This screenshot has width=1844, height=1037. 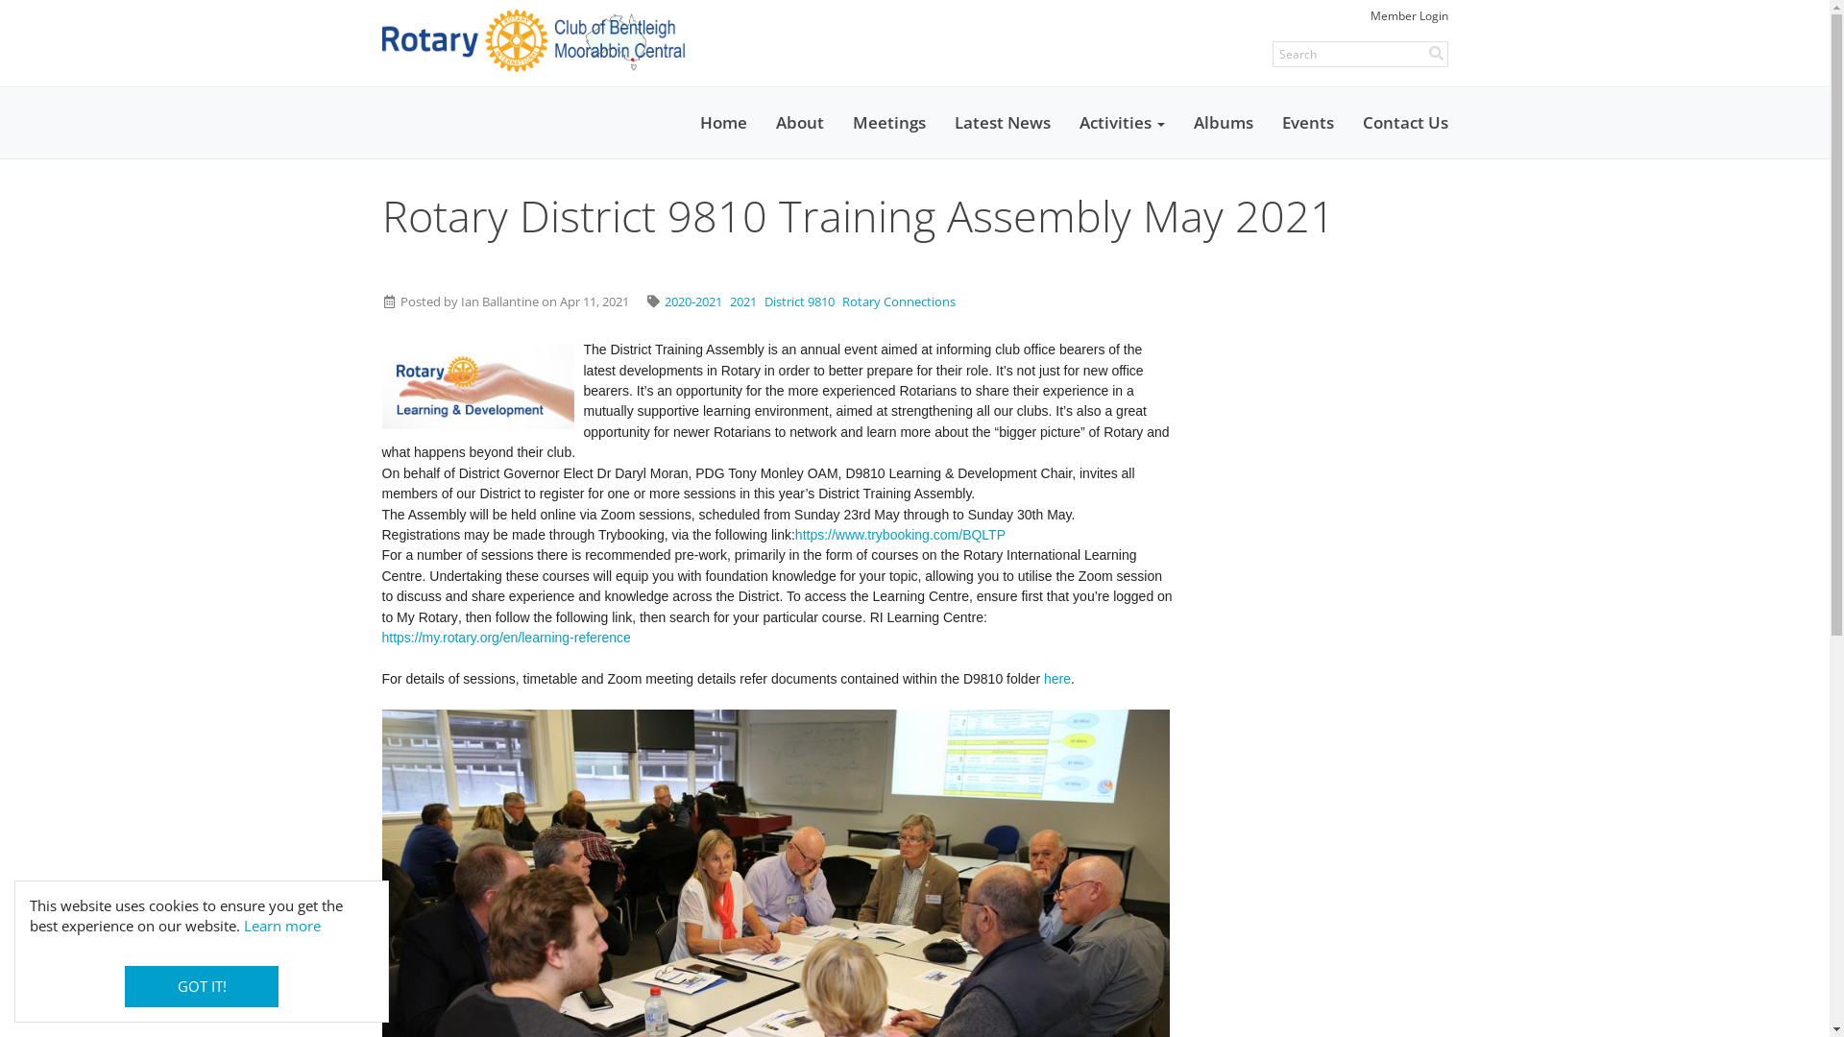 What do you see at coordinates (280, 925) in the screenshot?
I see `'Learn more'` at bounding box center [280, 925].